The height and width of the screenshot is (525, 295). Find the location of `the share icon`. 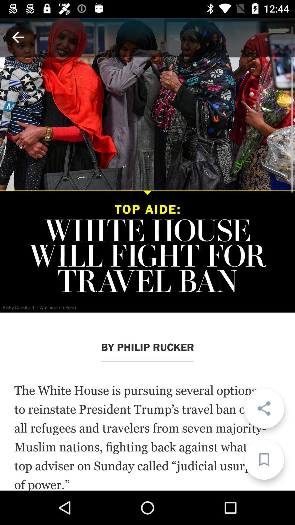

the share icon is located at coordinates (264, 408).